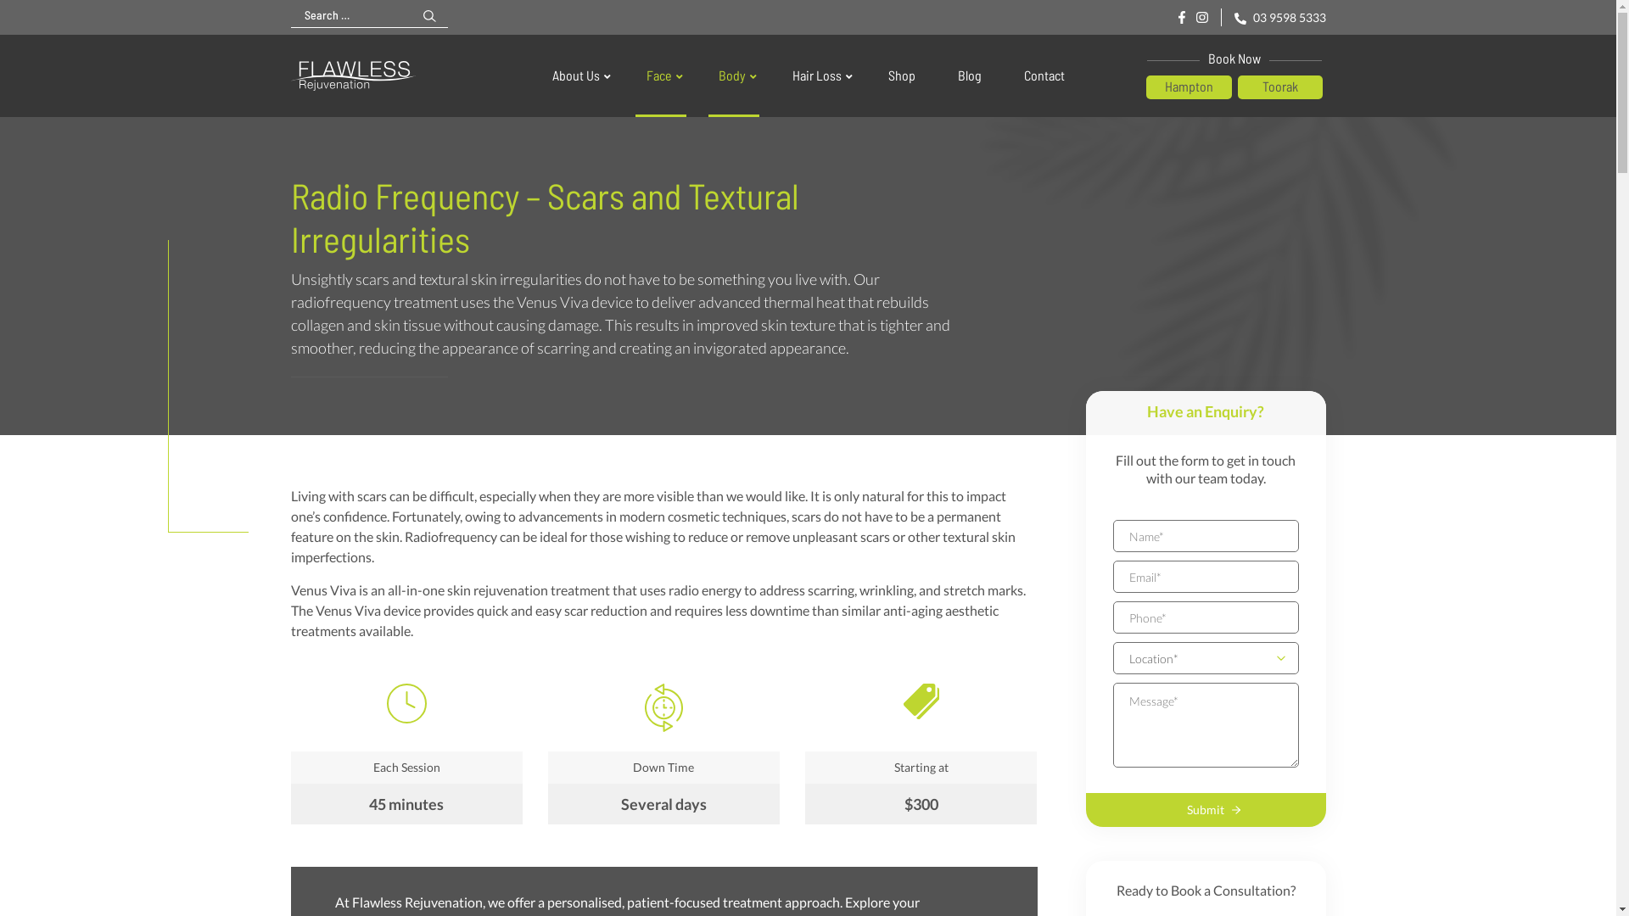 The height and width of the screenshot is (916, 1629). Describe the element at coordinates (1188, 87) in the screenshot. I see `'Hampton'` at that location.